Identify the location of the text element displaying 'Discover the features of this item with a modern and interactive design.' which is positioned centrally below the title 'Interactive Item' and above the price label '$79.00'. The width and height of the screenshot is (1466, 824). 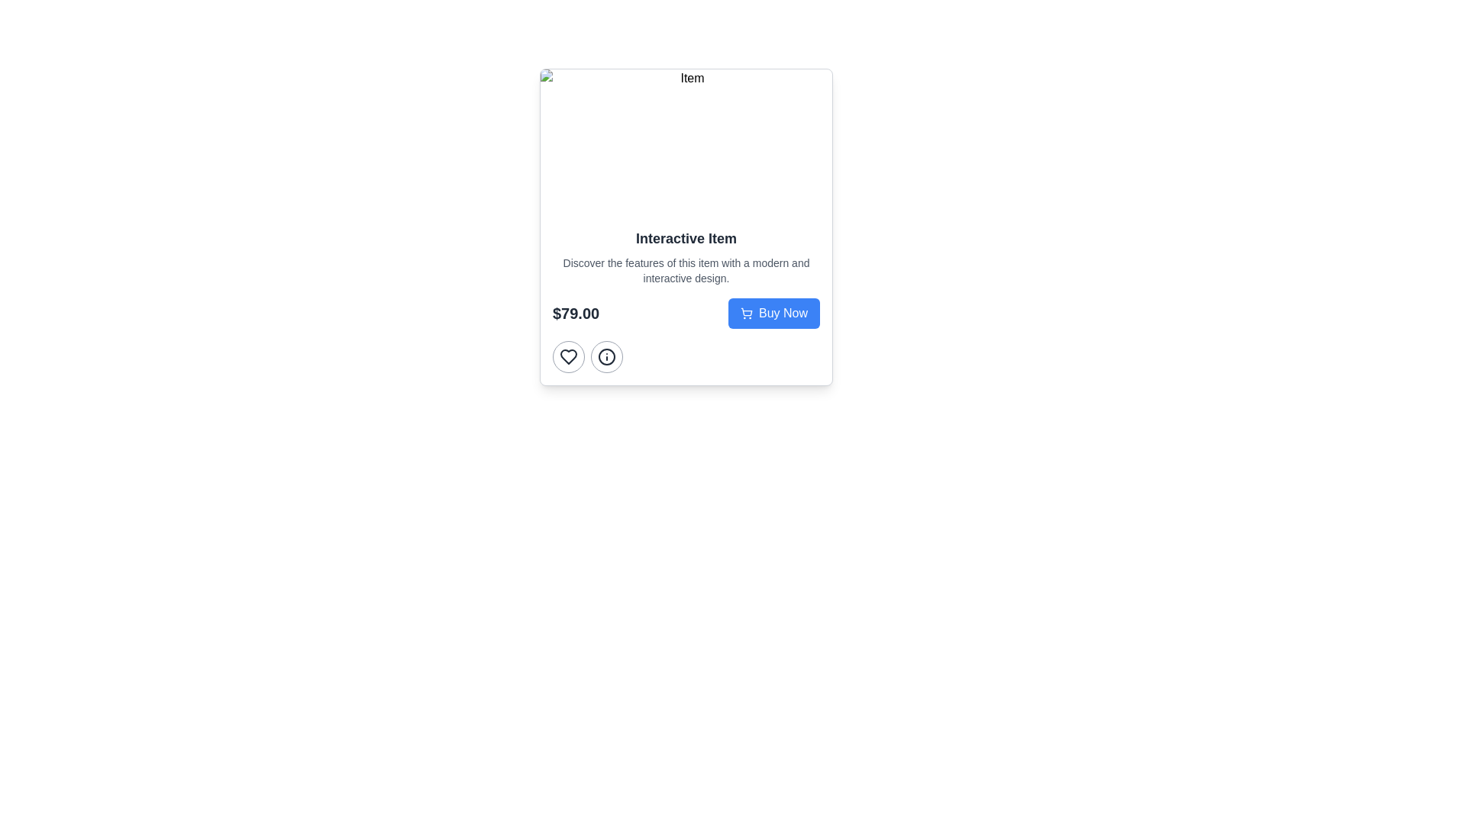
(685, 269).